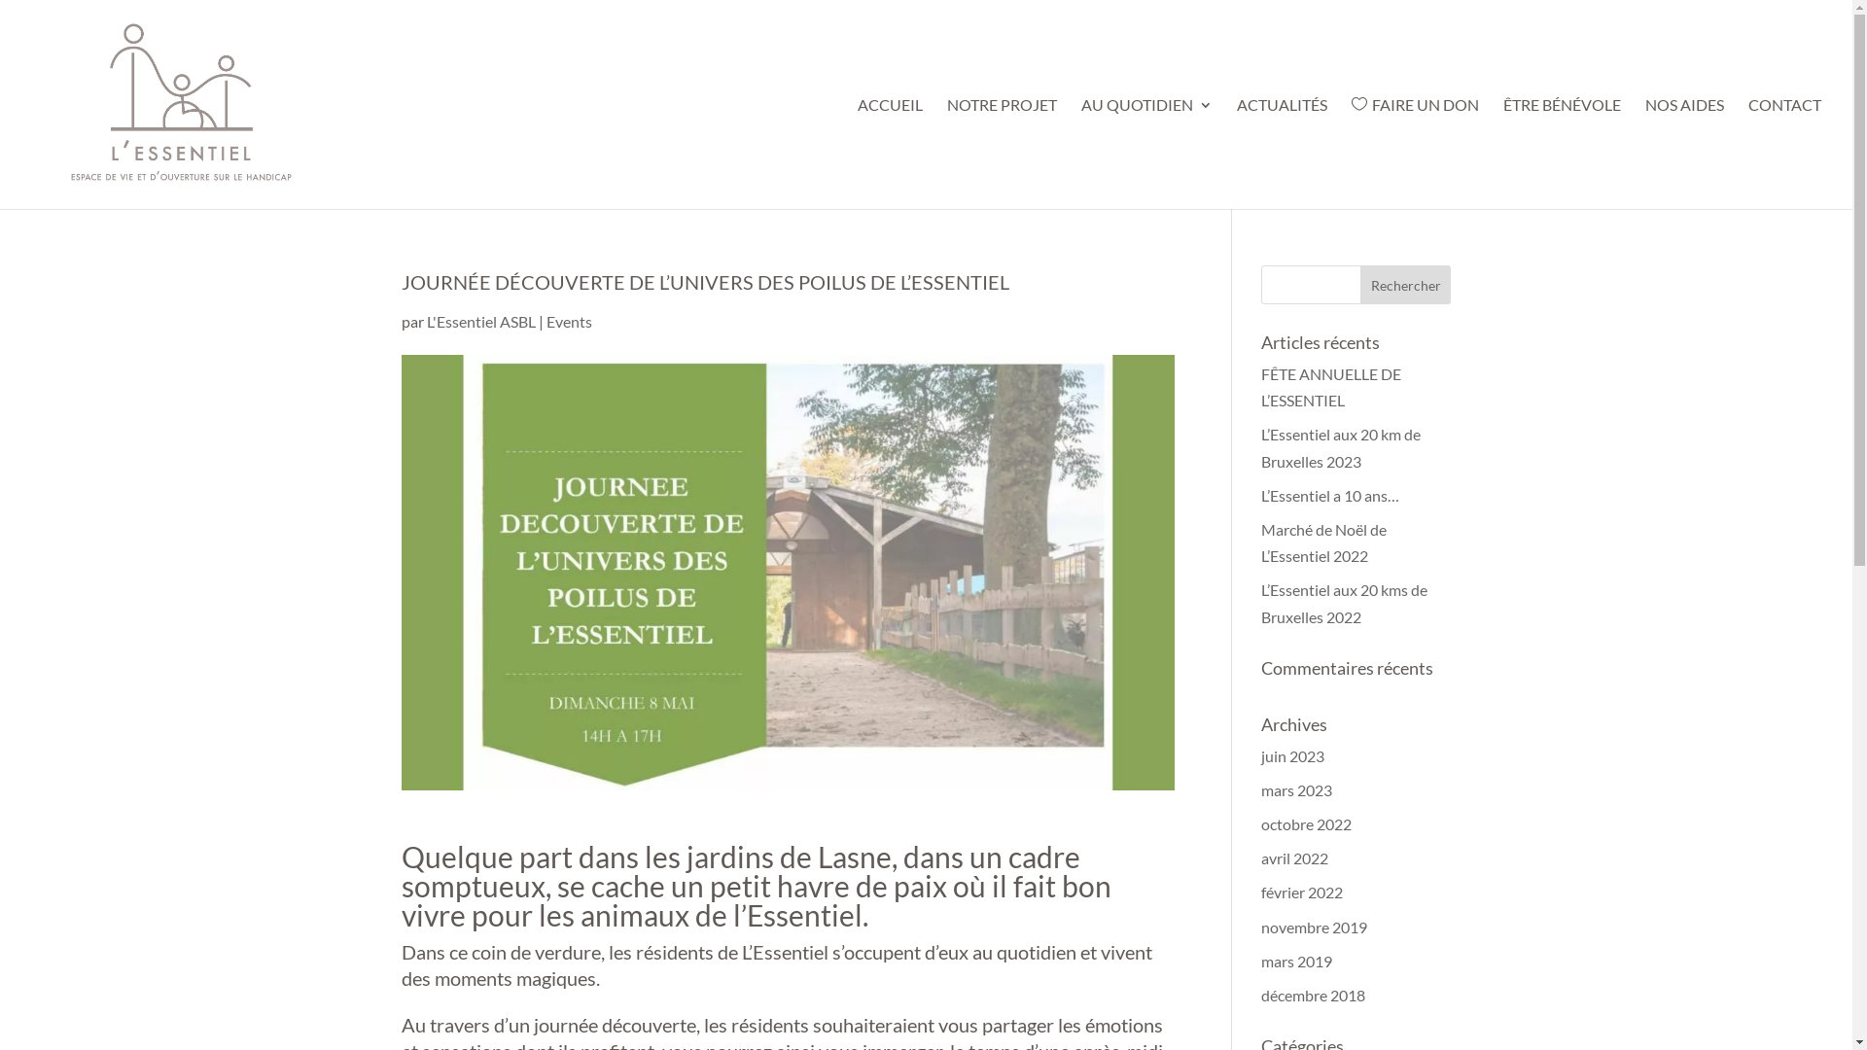  What do you see at coordinates (1002, 153) in the screenshot?
I see `'NOTRE PROJET'` at bounding box center [1002, 153].